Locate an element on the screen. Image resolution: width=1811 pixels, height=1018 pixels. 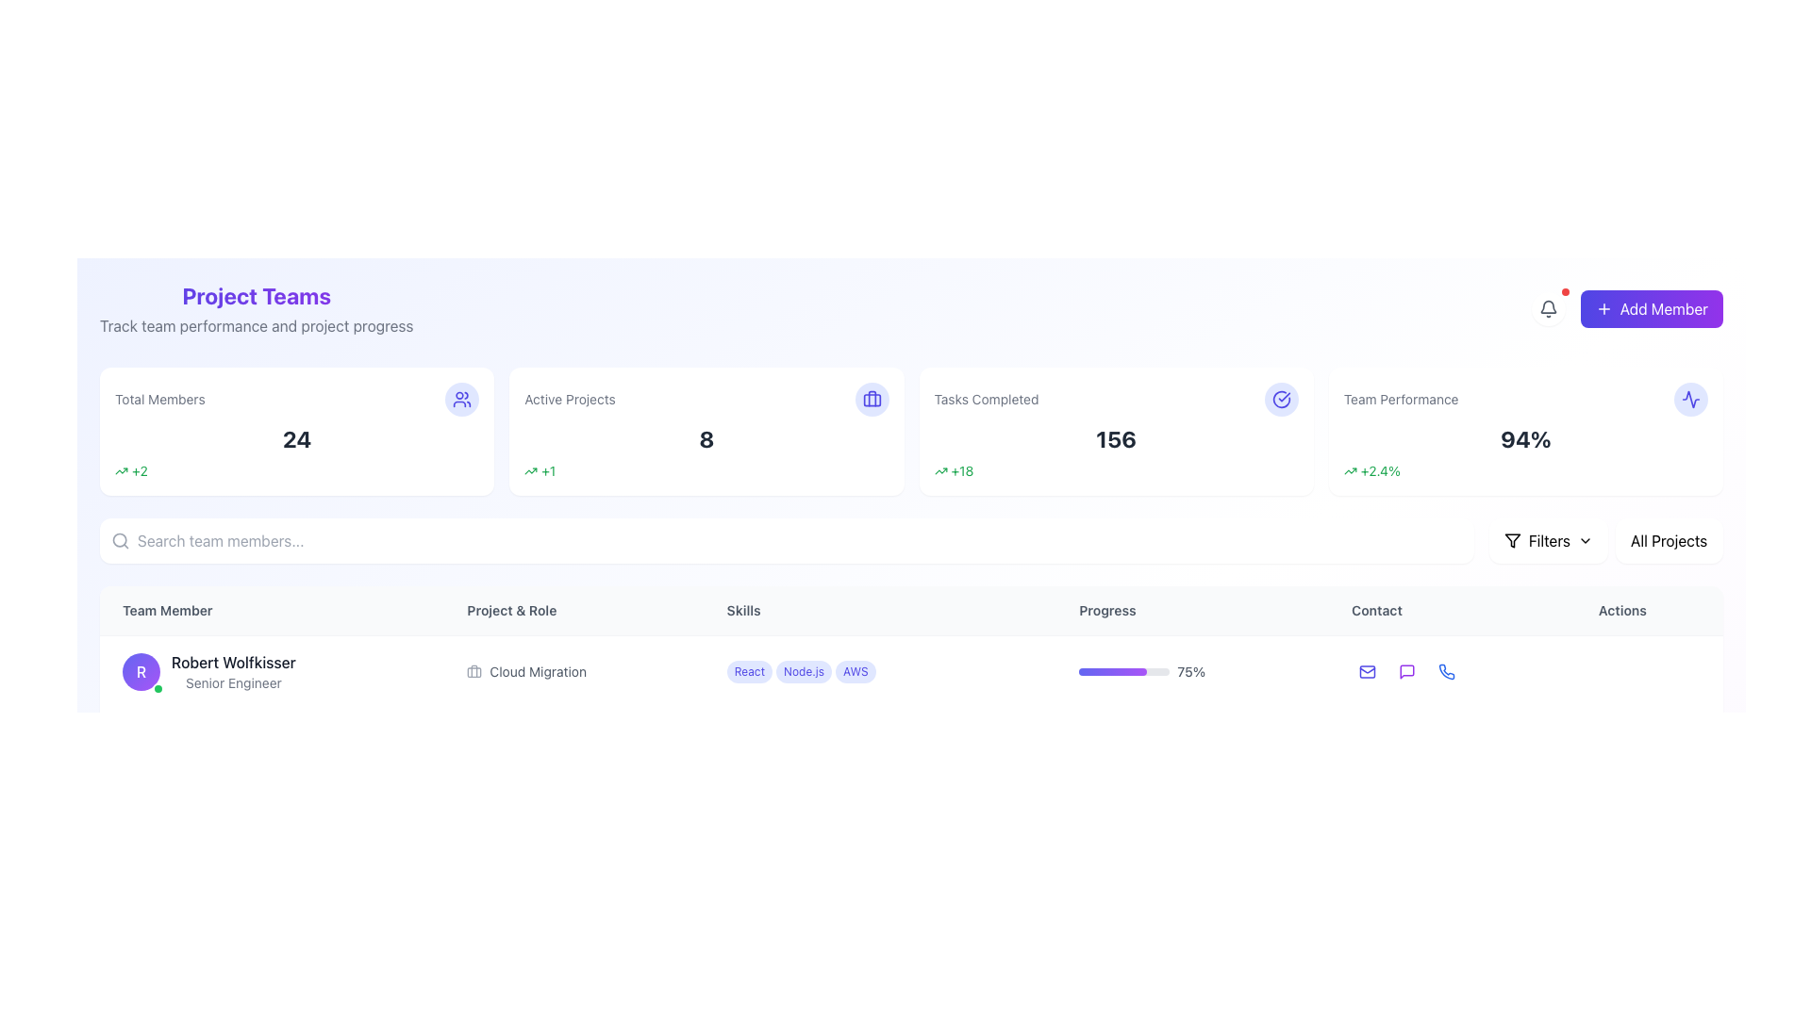
the circular avatar of 'Robert Wolfkisser' located on the left side of the row, which indicates his active status with a green dot is located at coordinates (140, 671).